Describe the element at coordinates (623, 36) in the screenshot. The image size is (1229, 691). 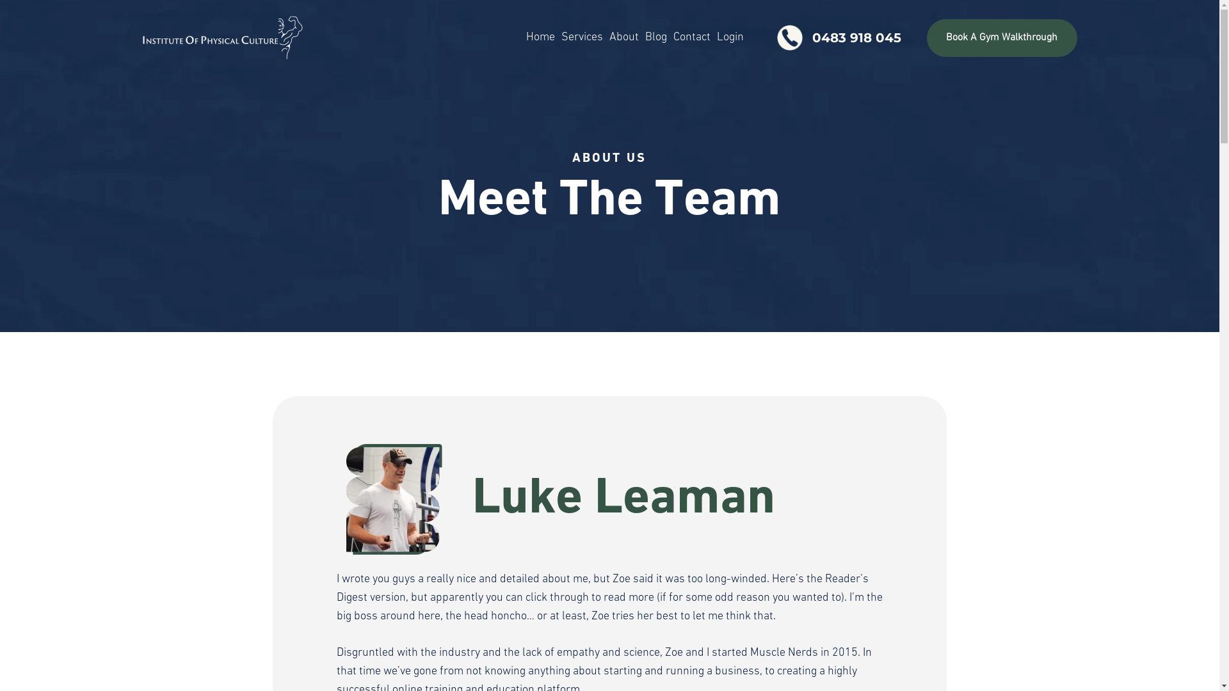
I see `'About'` at that location.